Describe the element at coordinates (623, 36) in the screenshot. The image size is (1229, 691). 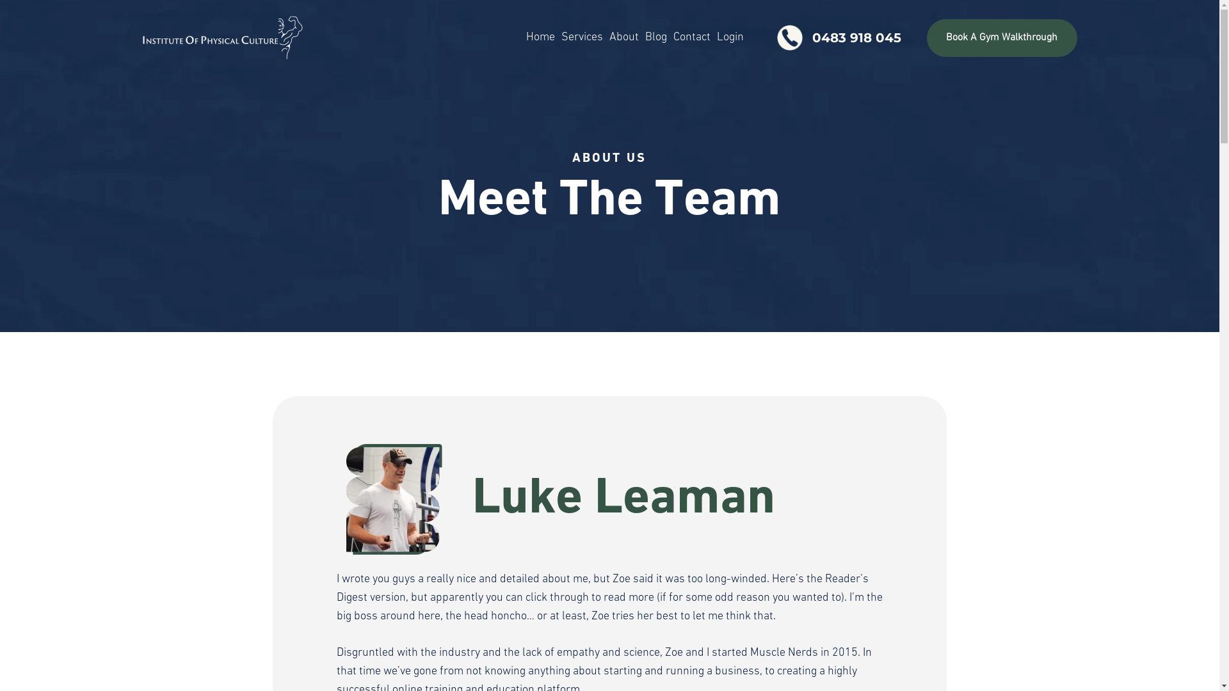
I see `'About'` at that location.